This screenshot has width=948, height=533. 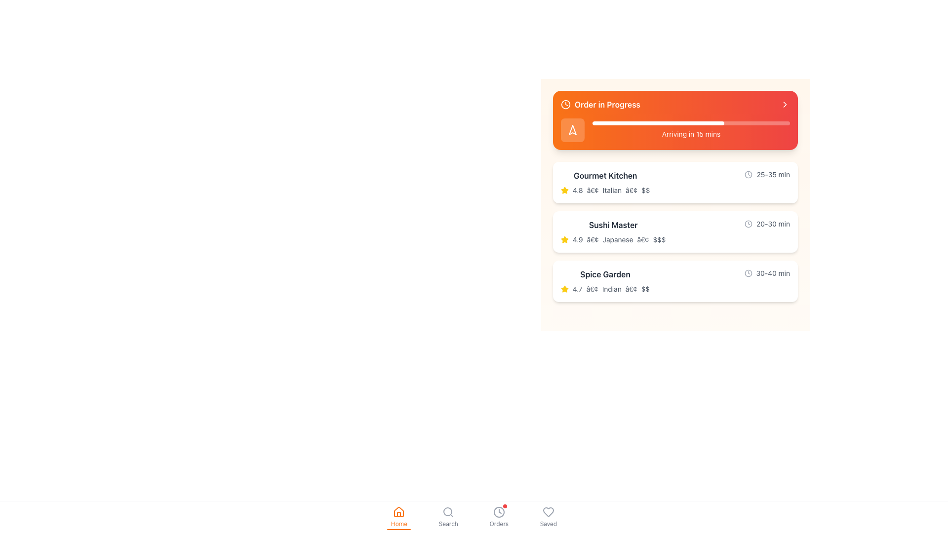 I want to click on the text label displaying two dollar signs ($$) located at the end of the 'Indian' category description in the third restaurant entry, so click(x=645, y=289).